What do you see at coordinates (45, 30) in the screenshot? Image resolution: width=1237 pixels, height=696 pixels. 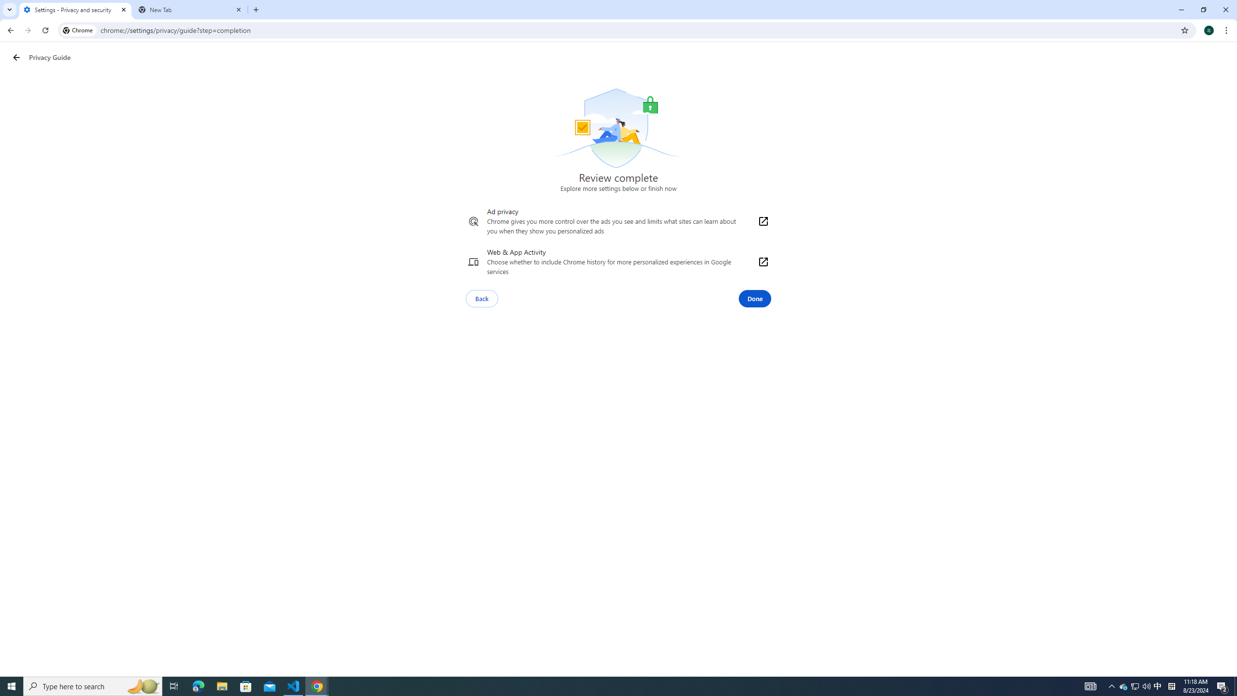 I see `'Reload'` at bounding box center [45, 30].